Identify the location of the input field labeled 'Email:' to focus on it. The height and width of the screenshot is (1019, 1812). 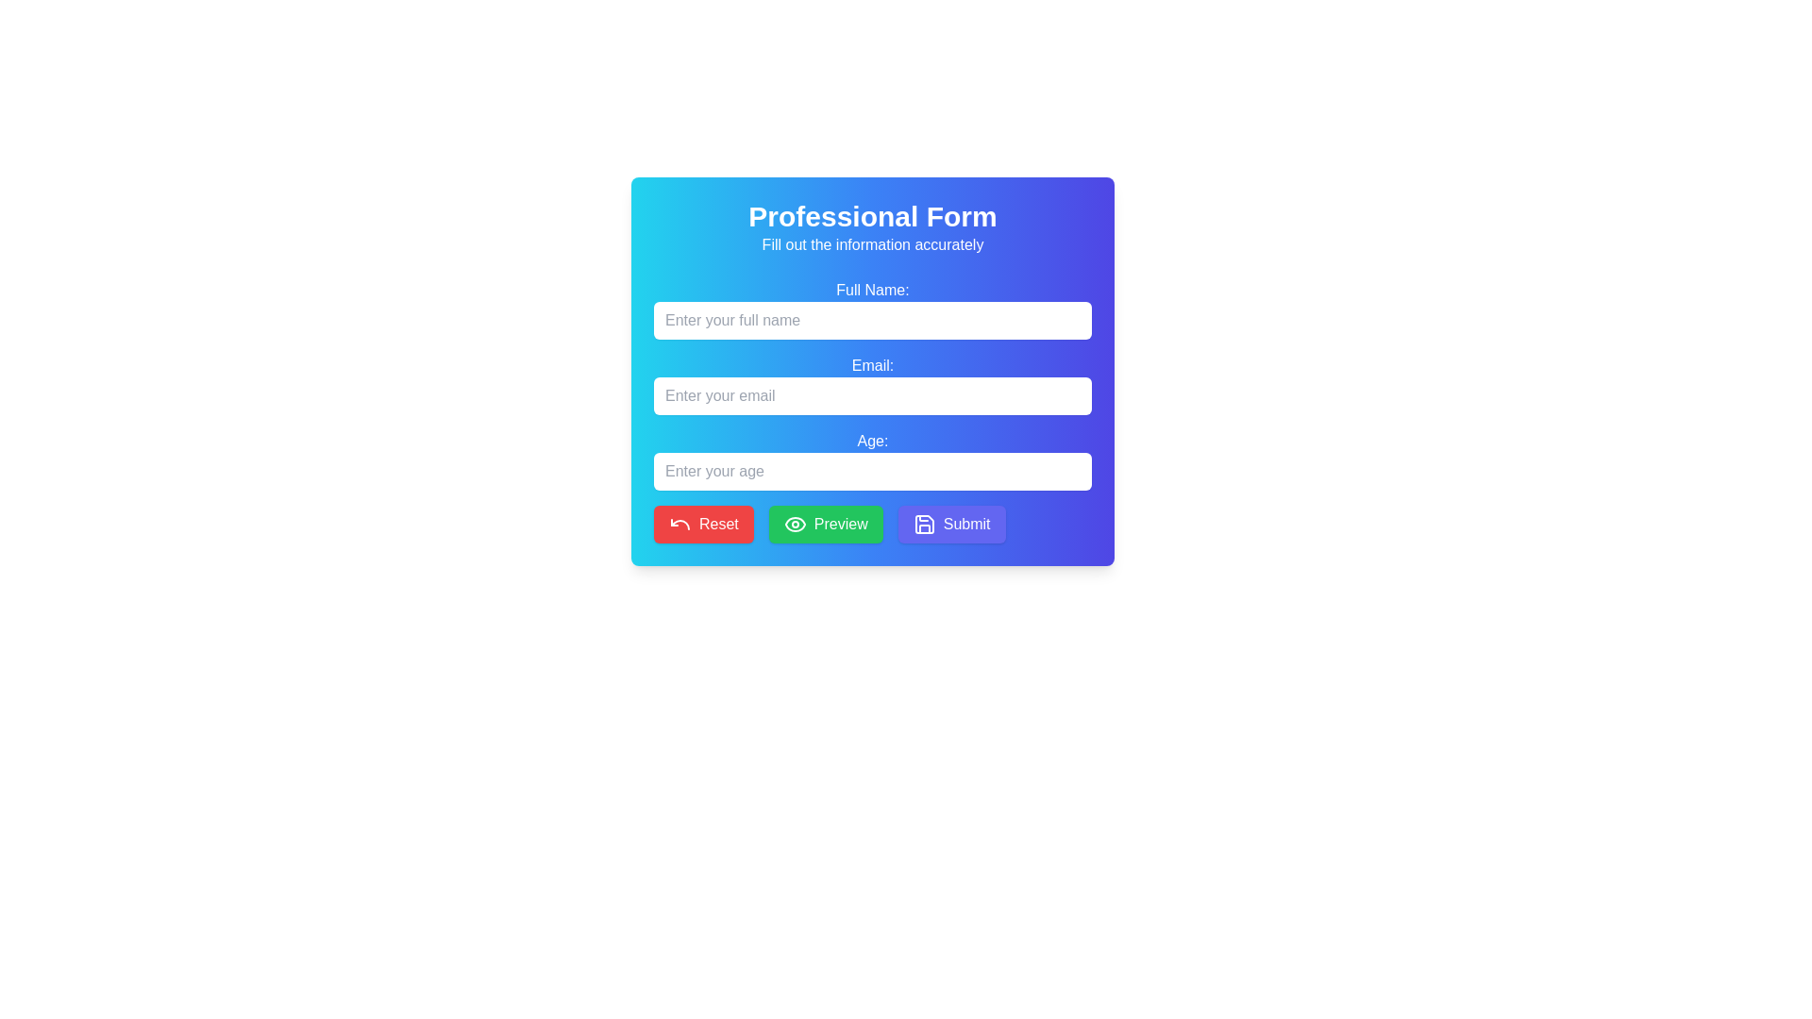
(872, 384).